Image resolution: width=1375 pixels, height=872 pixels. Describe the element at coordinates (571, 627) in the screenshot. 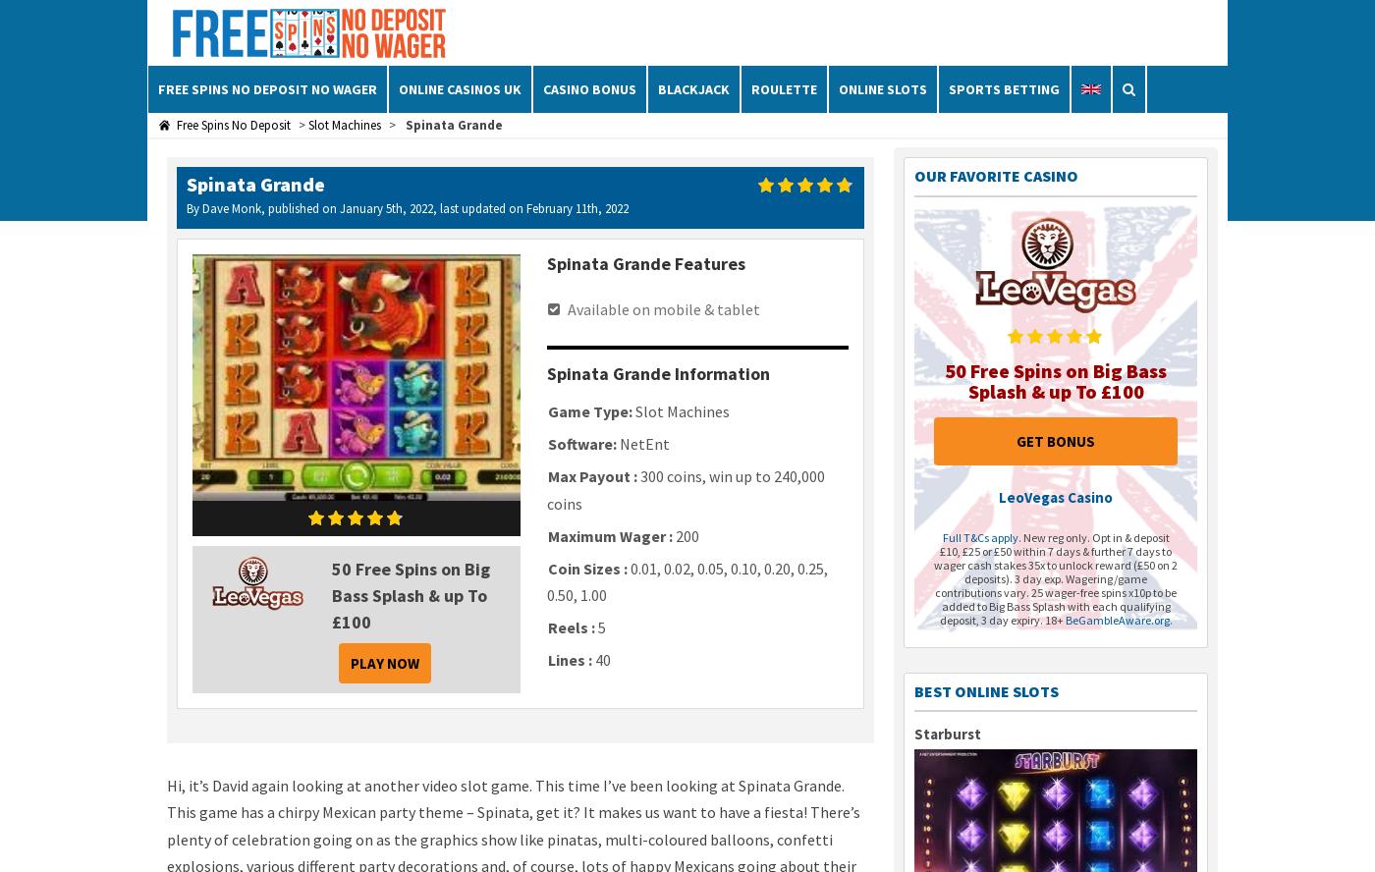

I see `'Reels :'` at that location.